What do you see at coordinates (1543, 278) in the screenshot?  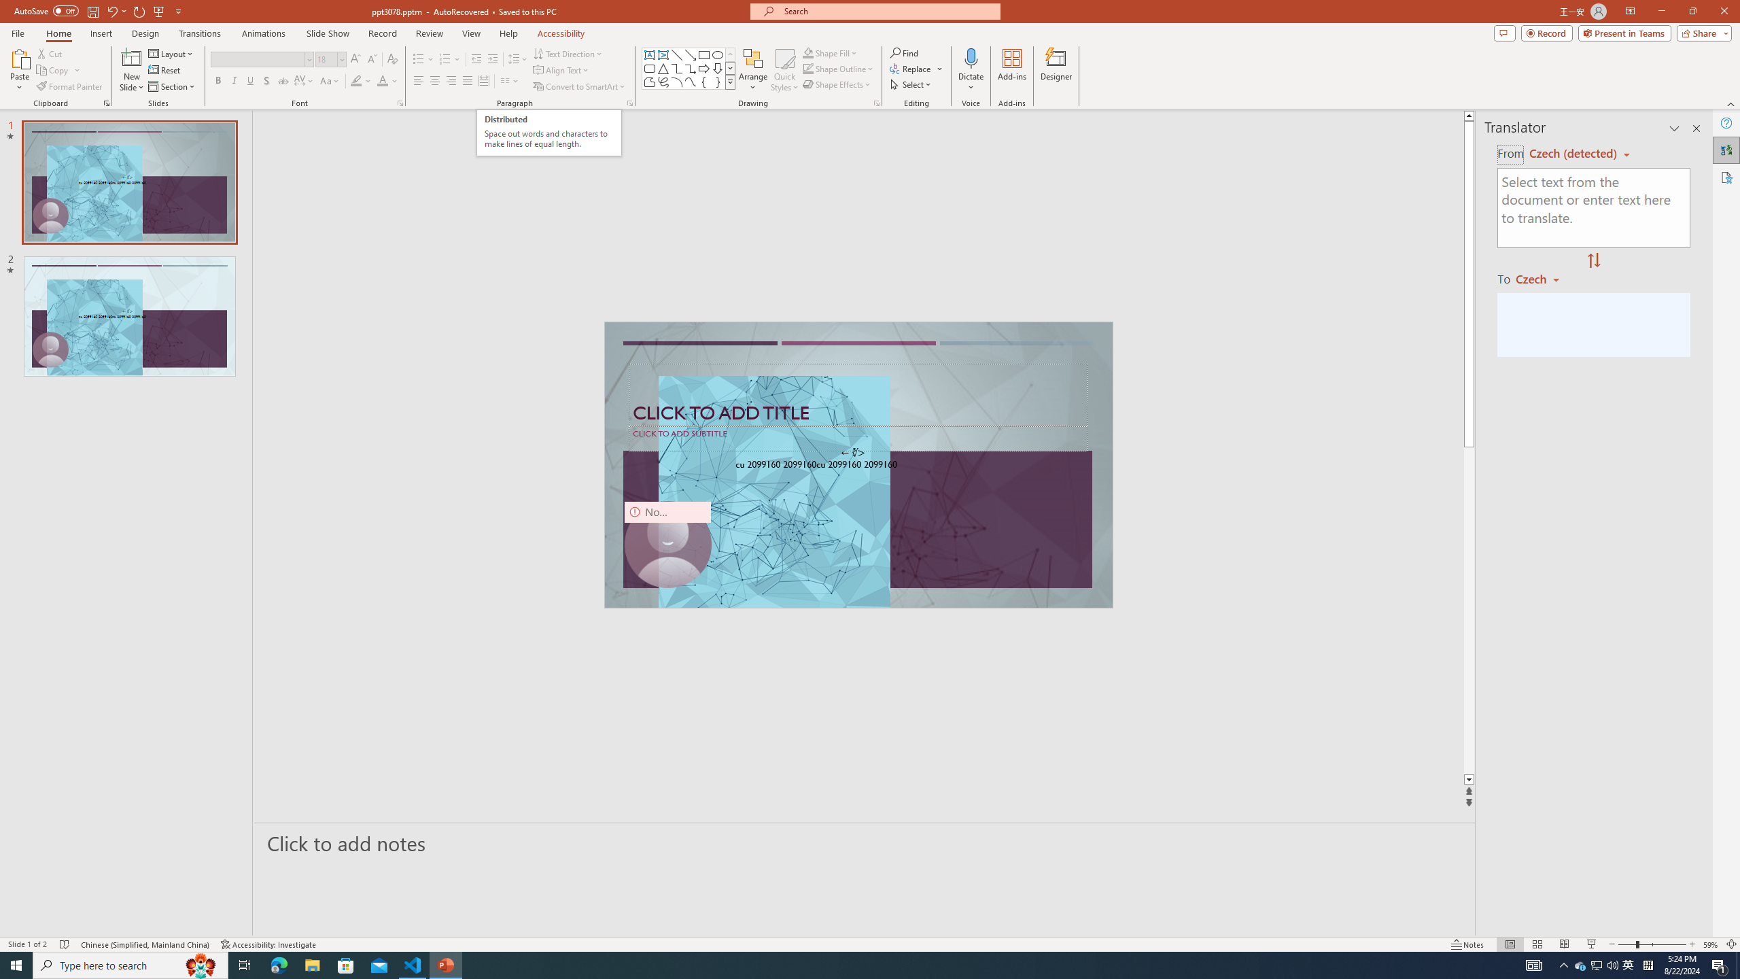 I see `'Czech'` at bounding box center [1543, 278].